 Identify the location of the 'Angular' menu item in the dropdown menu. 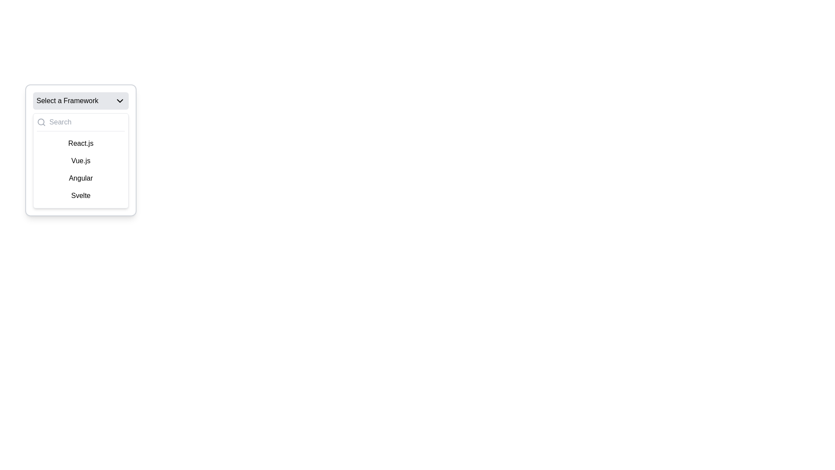
(81, 178).